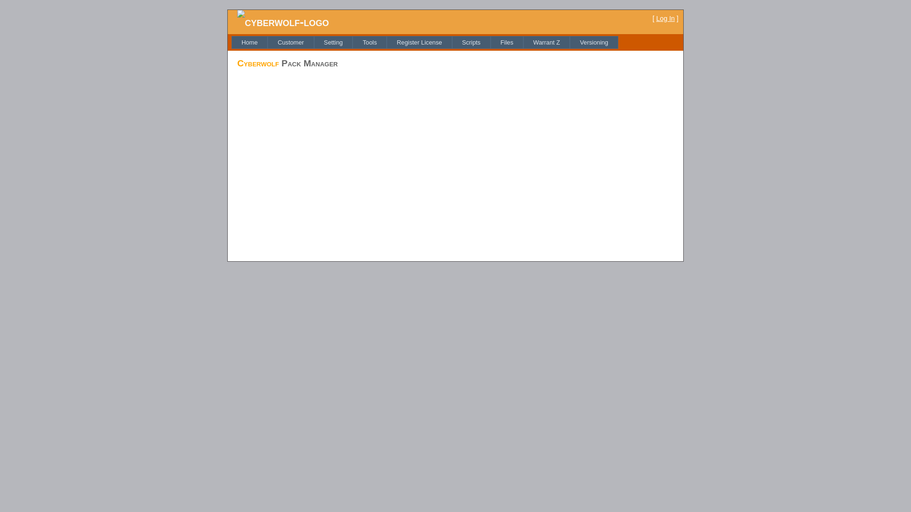  What do you see at coordinates (523, 42) in the screenshot?
I see `'Warrant Z'` at bounding box center [523, 42].